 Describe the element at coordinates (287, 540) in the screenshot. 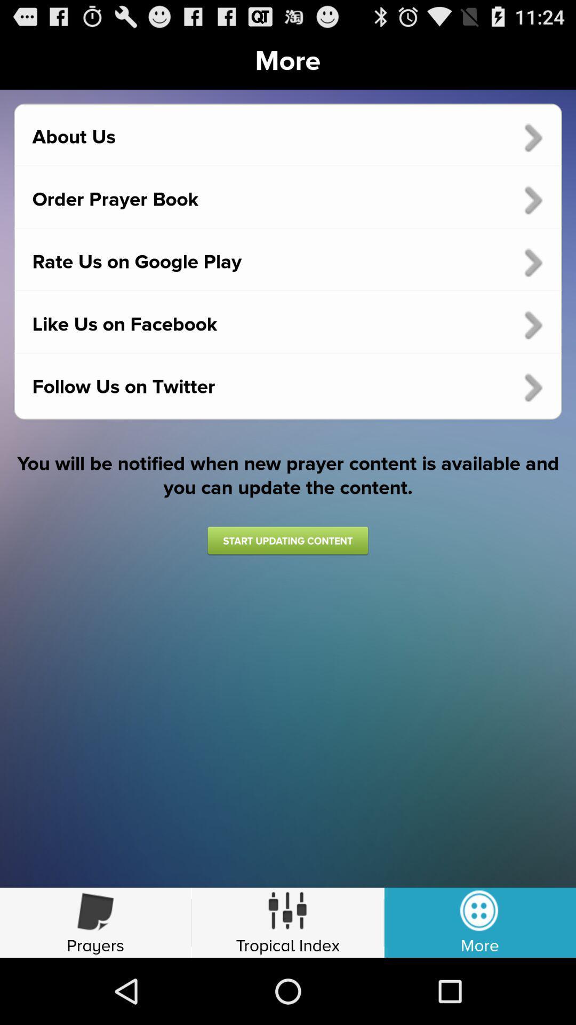

I see `start update content` at that location.